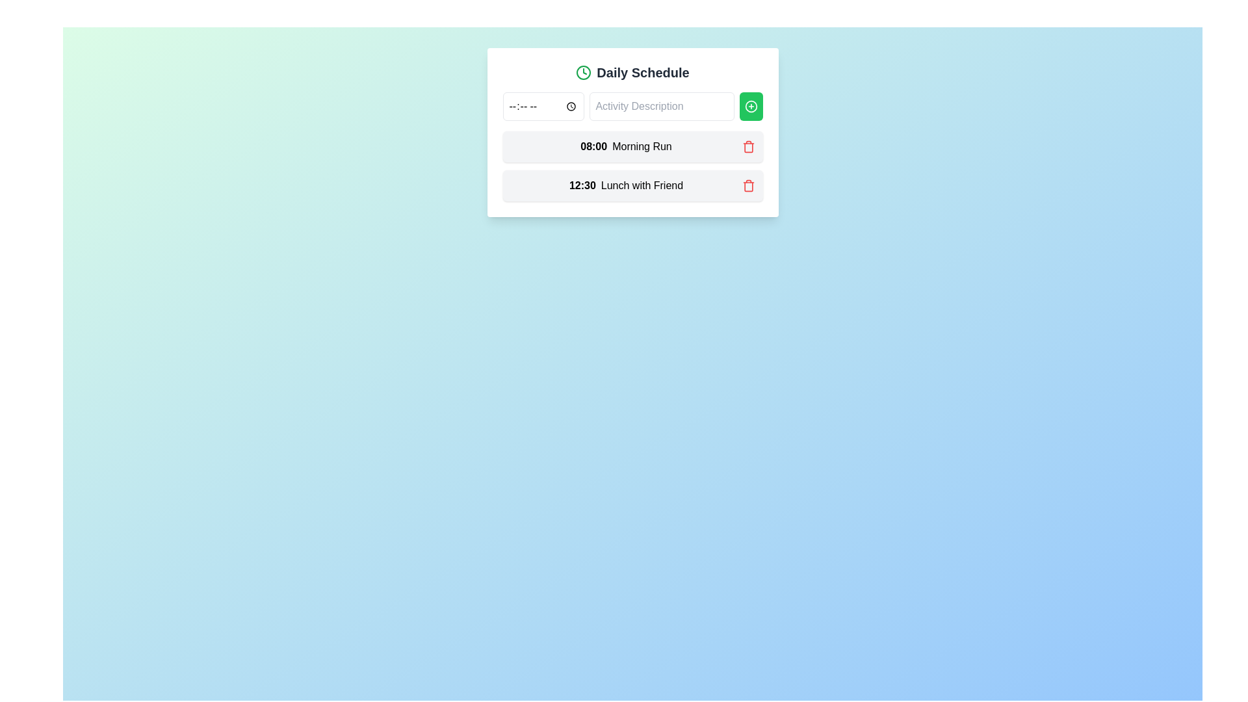 This screenshot has width=1248, height=702. I want to click on the text label displaying '08:00Morning Run' which shows a bold time followed by a description, so click(626, 146).